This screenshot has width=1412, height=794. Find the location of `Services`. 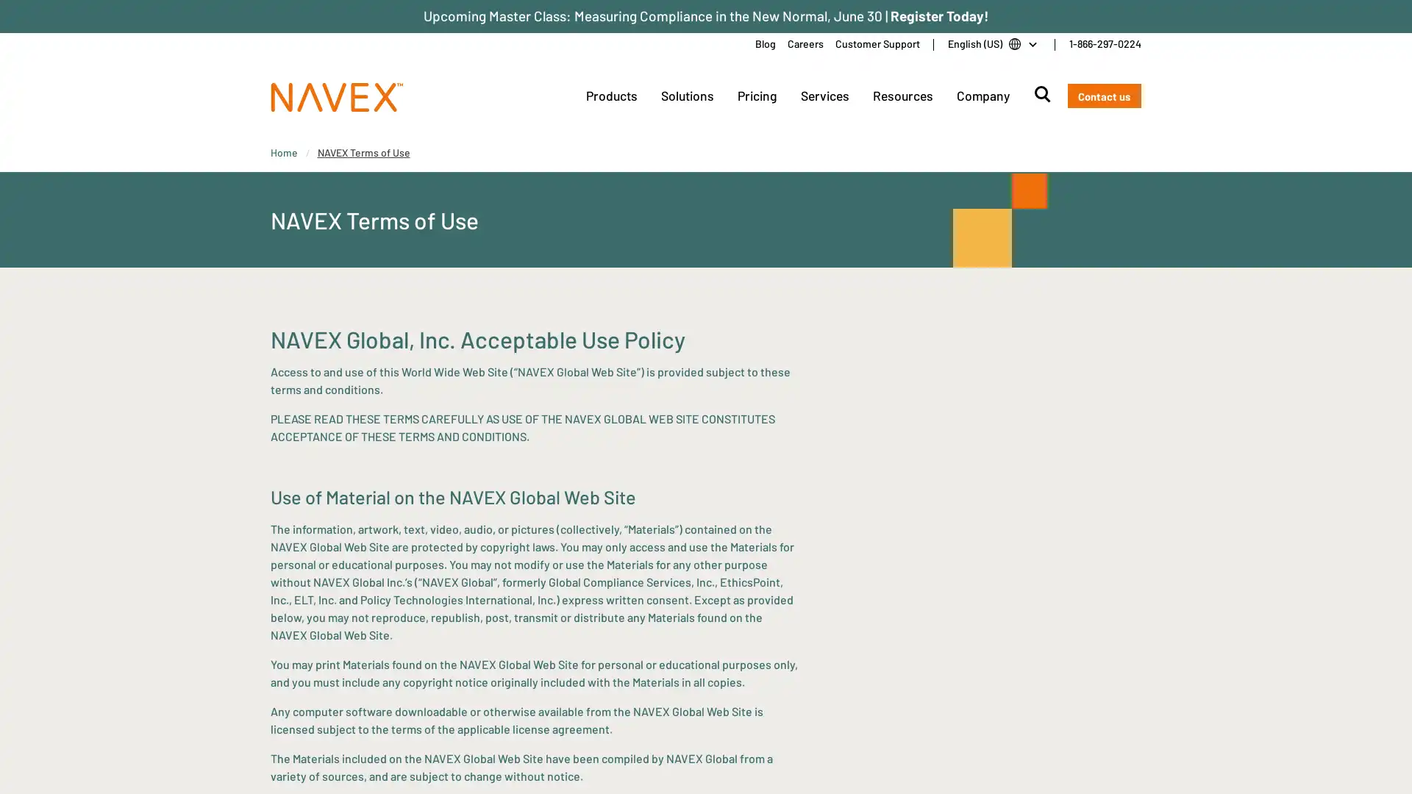

Services is located at coordinates (824, 96).